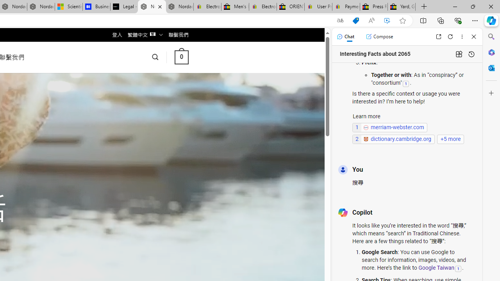 The width and height of the screenshot is (500, 281). What do you see at coordinates (181, 57) in the screenshot?
I see `'  0  '` at bounding box center [181, 57].